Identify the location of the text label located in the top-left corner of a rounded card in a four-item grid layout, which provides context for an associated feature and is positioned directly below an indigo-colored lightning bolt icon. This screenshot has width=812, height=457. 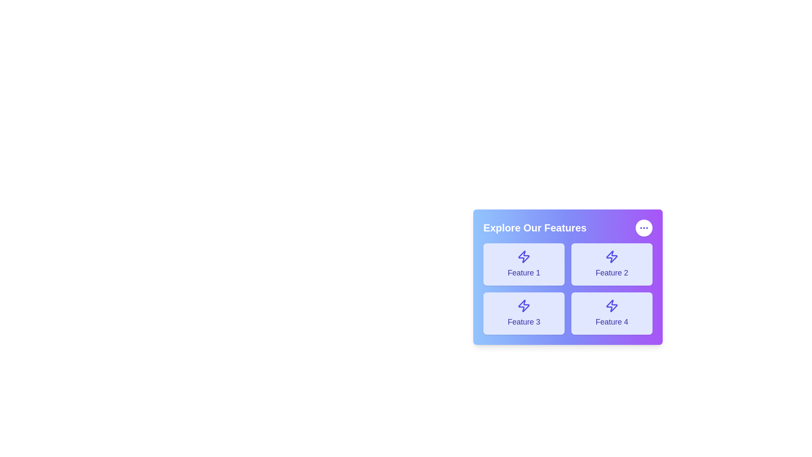
(523, 273).